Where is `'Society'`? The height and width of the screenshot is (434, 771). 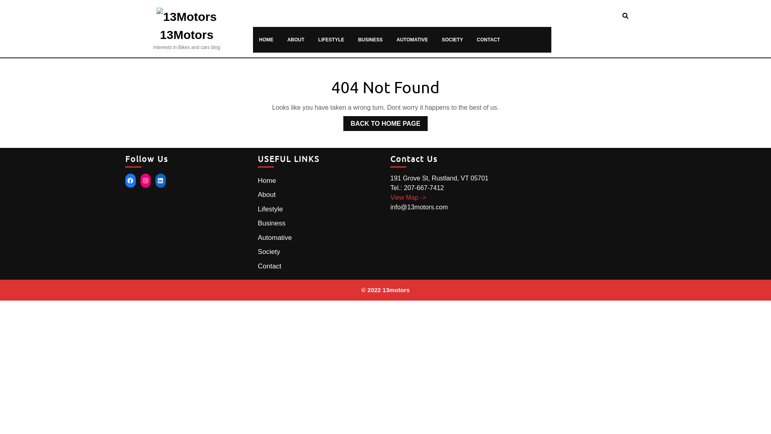
'Society' is located at coordinates (258, 251).